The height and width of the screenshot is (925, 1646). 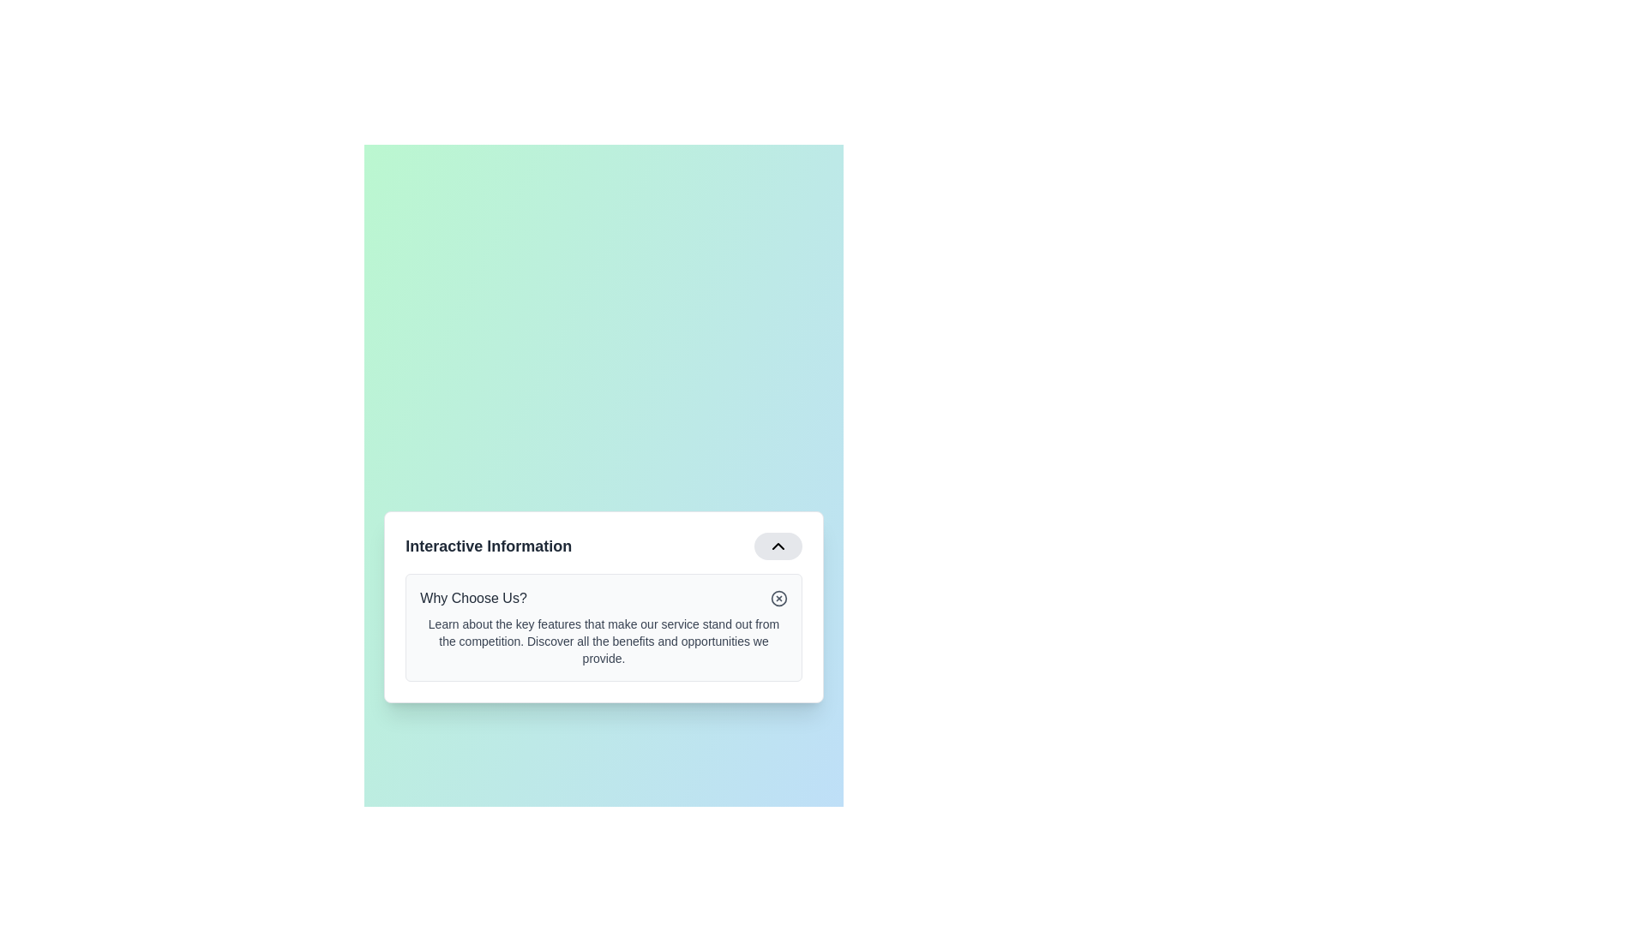 What do you see at coordinates (778, 597) in the screenshot?
I see `the close or dismiss Icon button located at the top right of the 'Why Choose Us?' section to change its visual state` at bounding box center [778, 597].